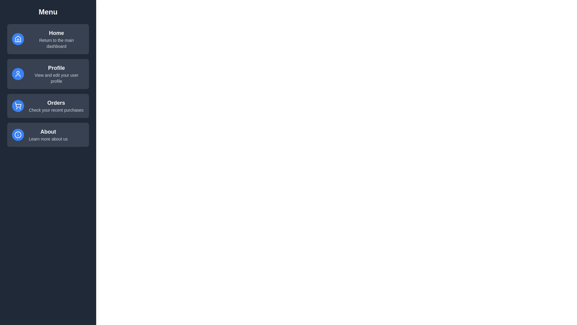 The height and width of the screenshot is (325, 577). What do you see at coordinates (47, 134) in the screenshot?
I see `the menu item labeled About to select it` at bounding box center [47, 134].